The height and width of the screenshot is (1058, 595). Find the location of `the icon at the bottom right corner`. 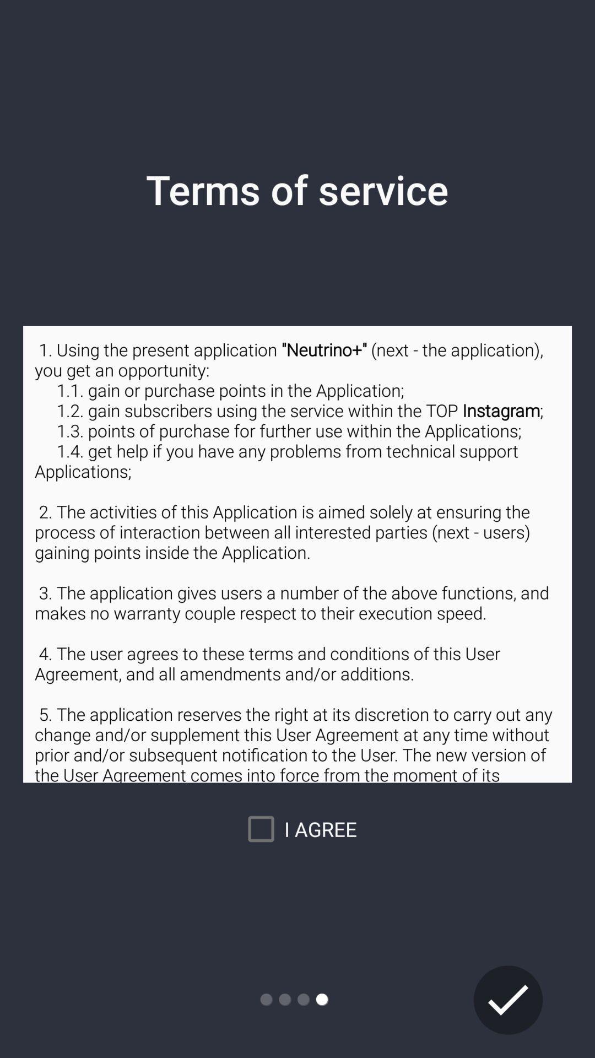

the icon at the bottom right corner is located at coordinates (508, 1000).